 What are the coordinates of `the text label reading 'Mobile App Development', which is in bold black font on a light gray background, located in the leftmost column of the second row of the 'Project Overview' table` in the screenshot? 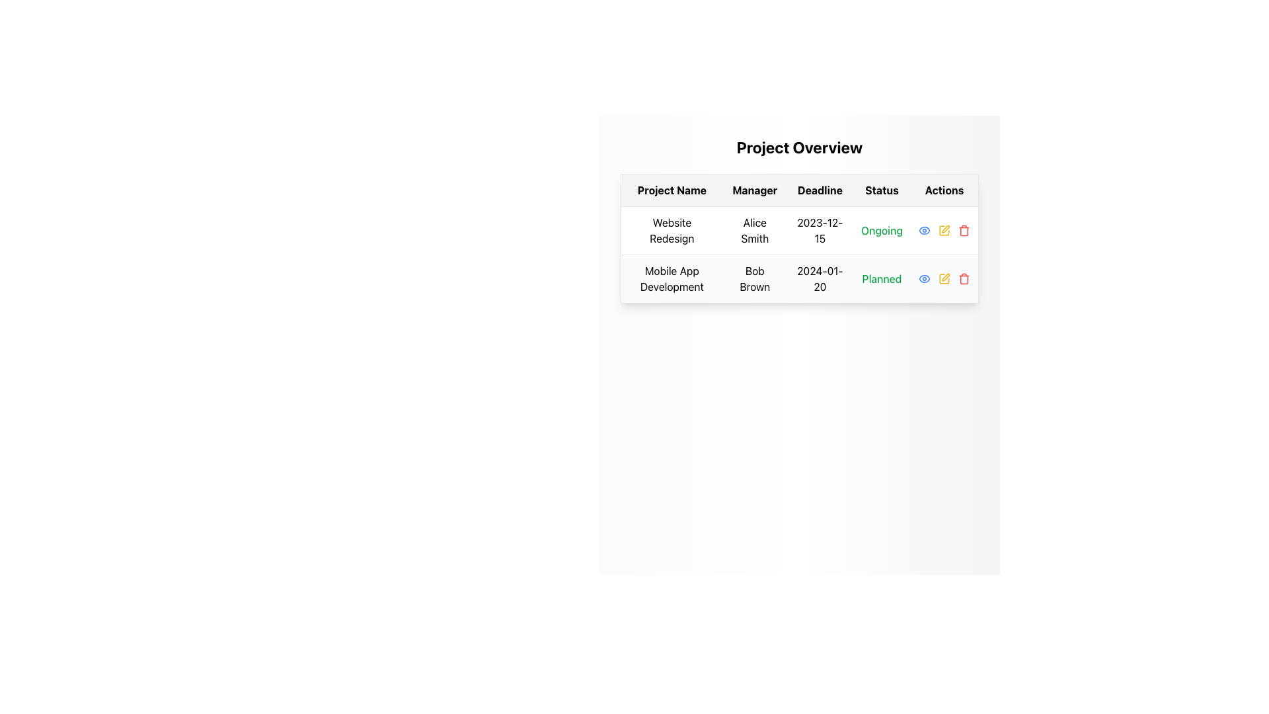 It's located at (672, 278).